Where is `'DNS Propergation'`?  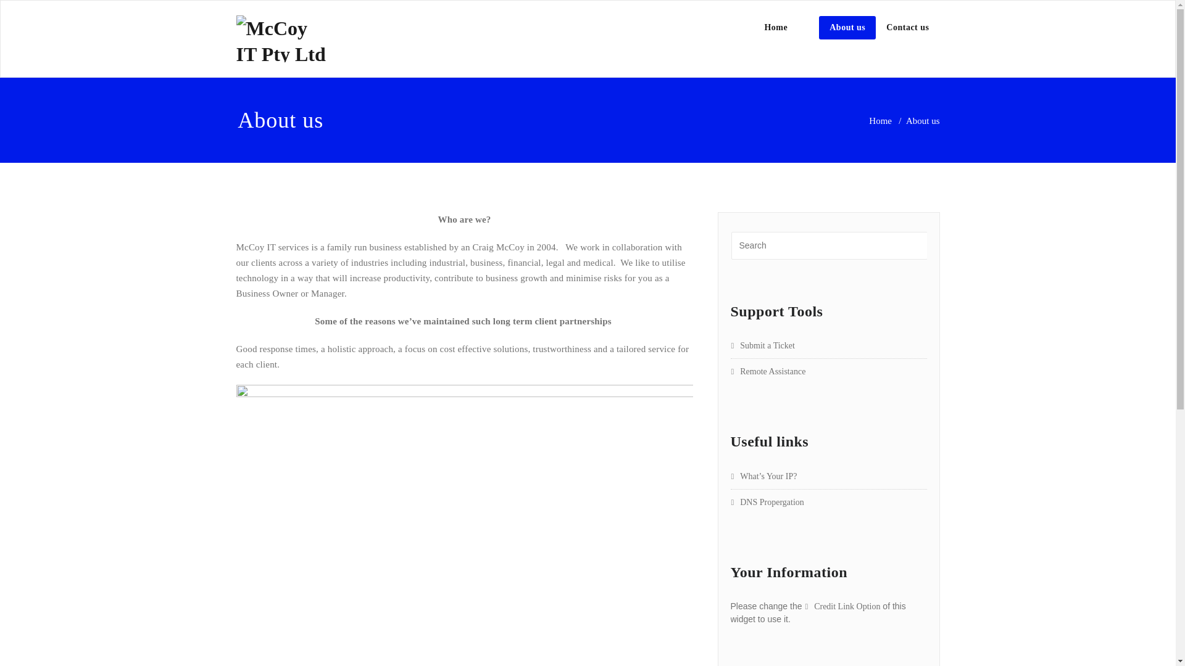
'DNS Propergation' is located at coordinates (767, 502).